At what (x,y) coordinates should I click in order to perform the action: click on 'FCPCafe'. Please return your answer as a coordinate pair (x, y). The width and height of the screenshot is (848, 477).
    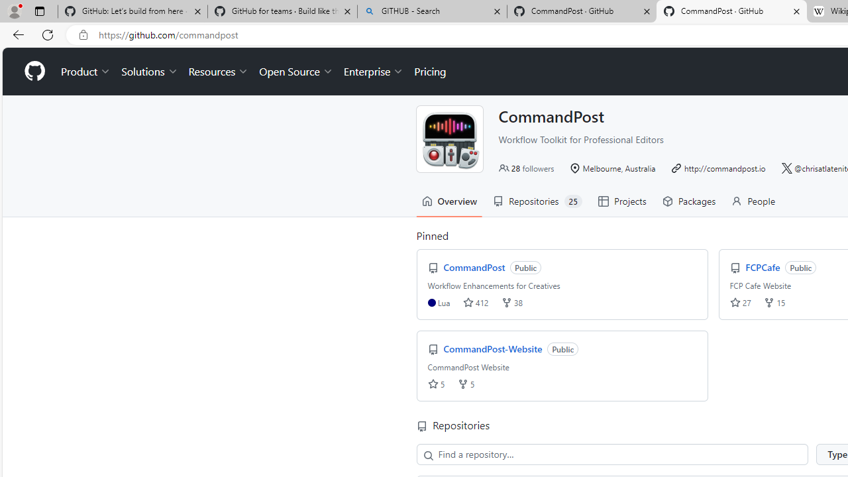
    Looking at the image, I should click on (764, 267).